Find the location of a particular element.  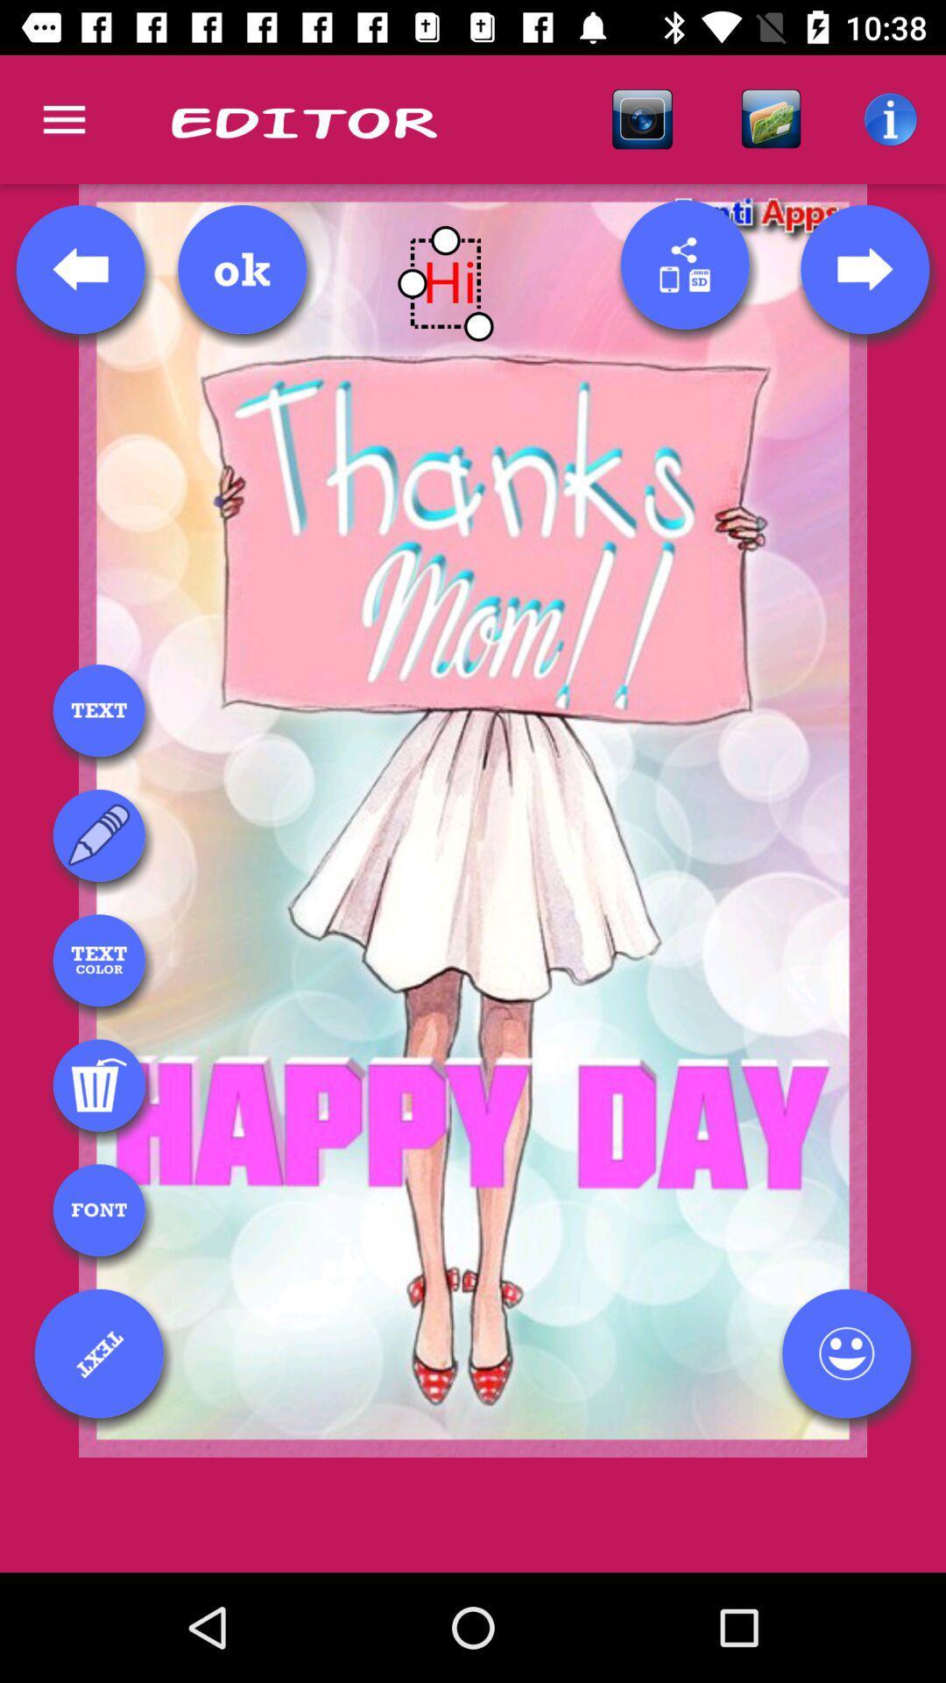

go back is located at coordinates (81, 268).